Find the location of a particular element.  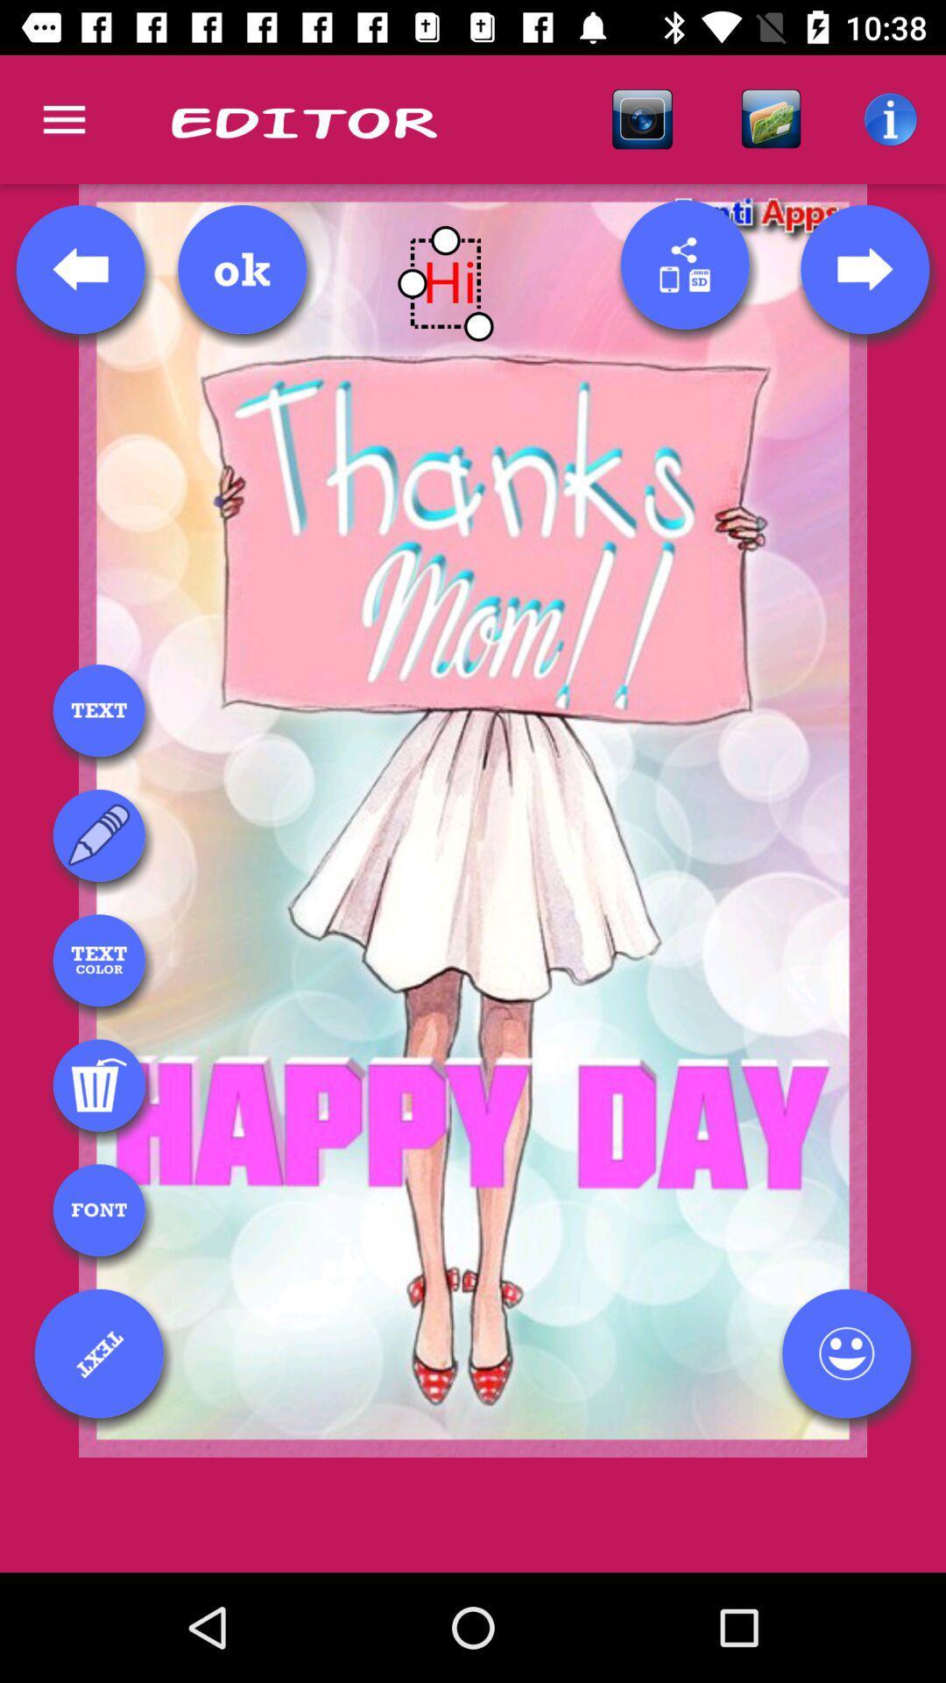

go back is located at coordinates (81, 268).